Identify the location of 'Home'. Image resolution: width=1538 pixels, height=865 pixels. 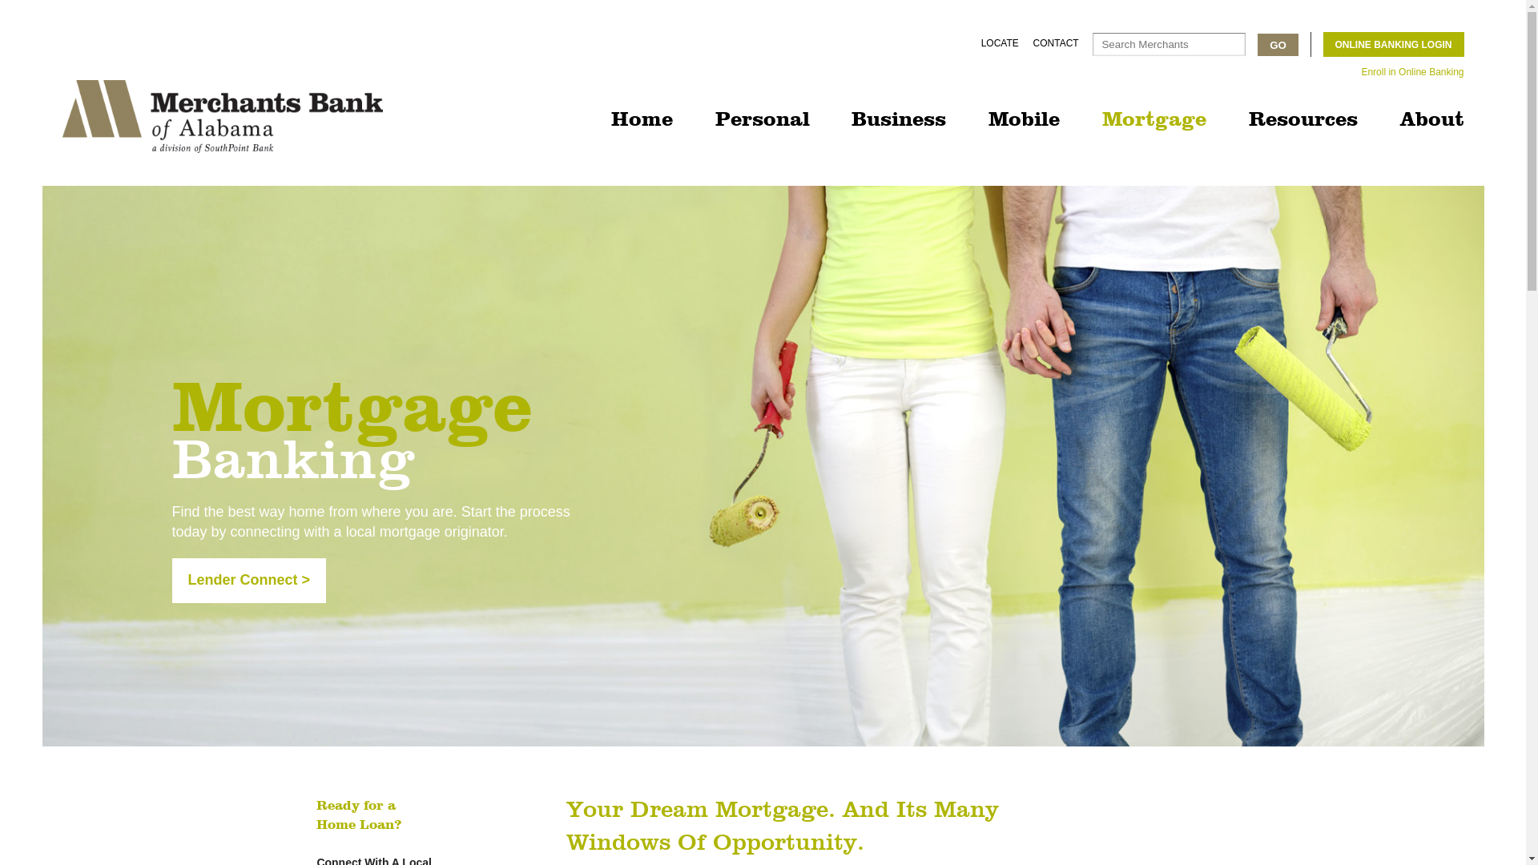
(642, 119).